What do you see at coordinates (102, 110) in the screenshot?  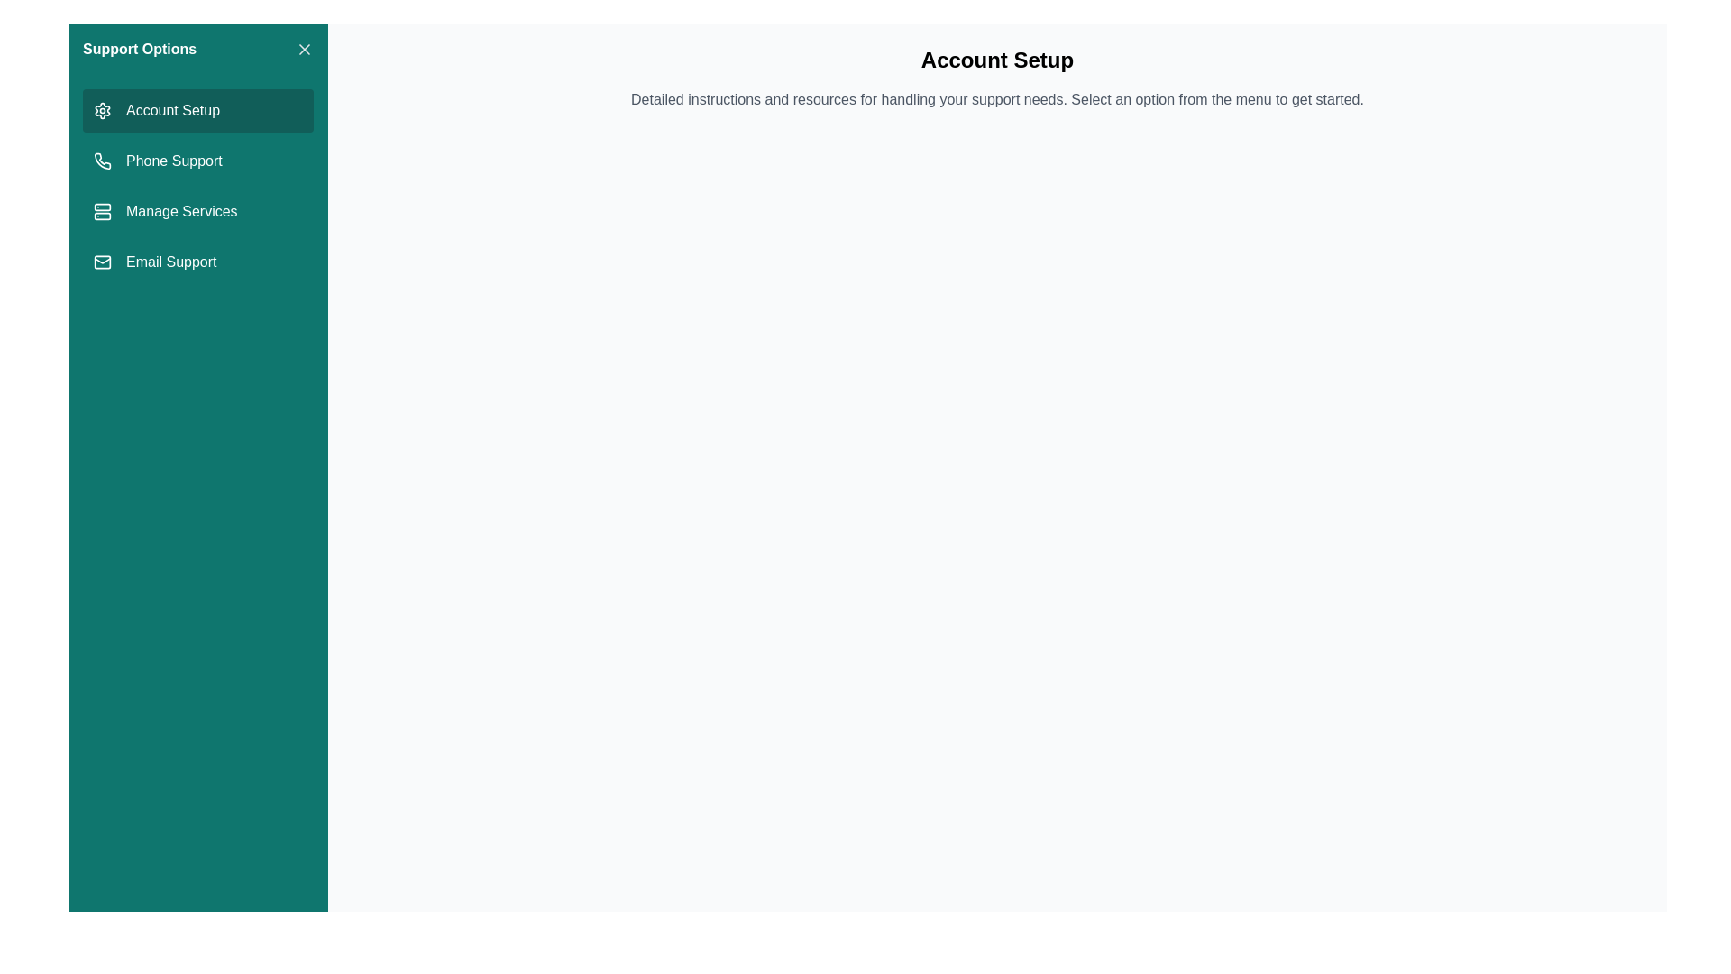 I see `the settings icon located in the left navigation menu next to the 'Account Setup' text` at bounding box center [102, 110].